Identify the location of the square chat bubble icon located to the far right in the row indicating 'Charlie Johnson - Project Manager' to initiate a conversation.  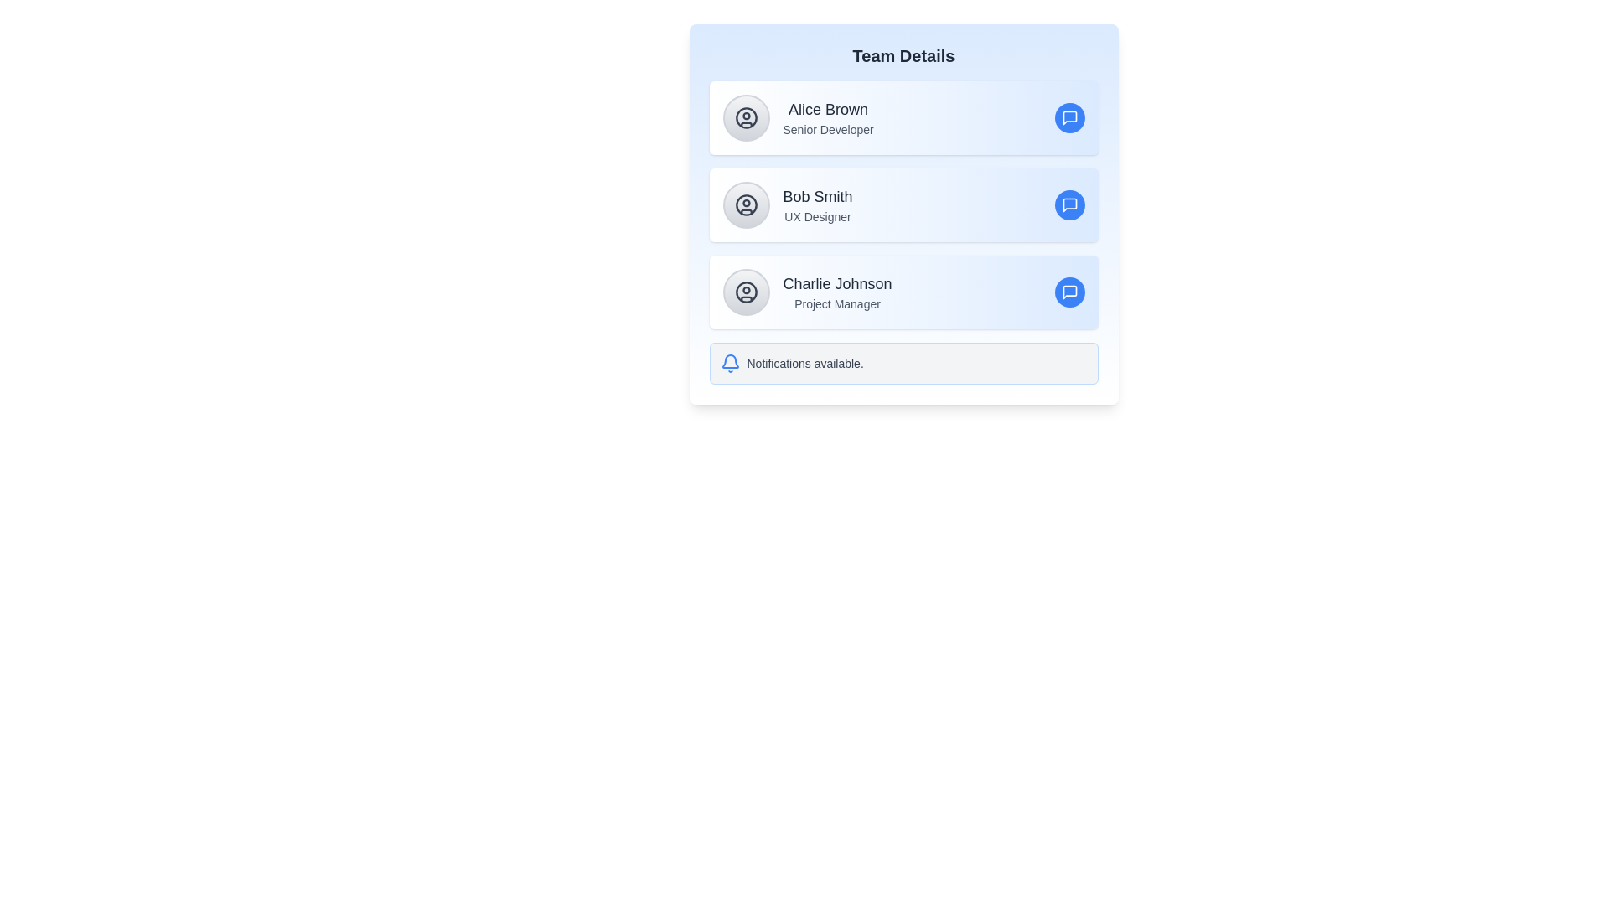
(1068, 291).